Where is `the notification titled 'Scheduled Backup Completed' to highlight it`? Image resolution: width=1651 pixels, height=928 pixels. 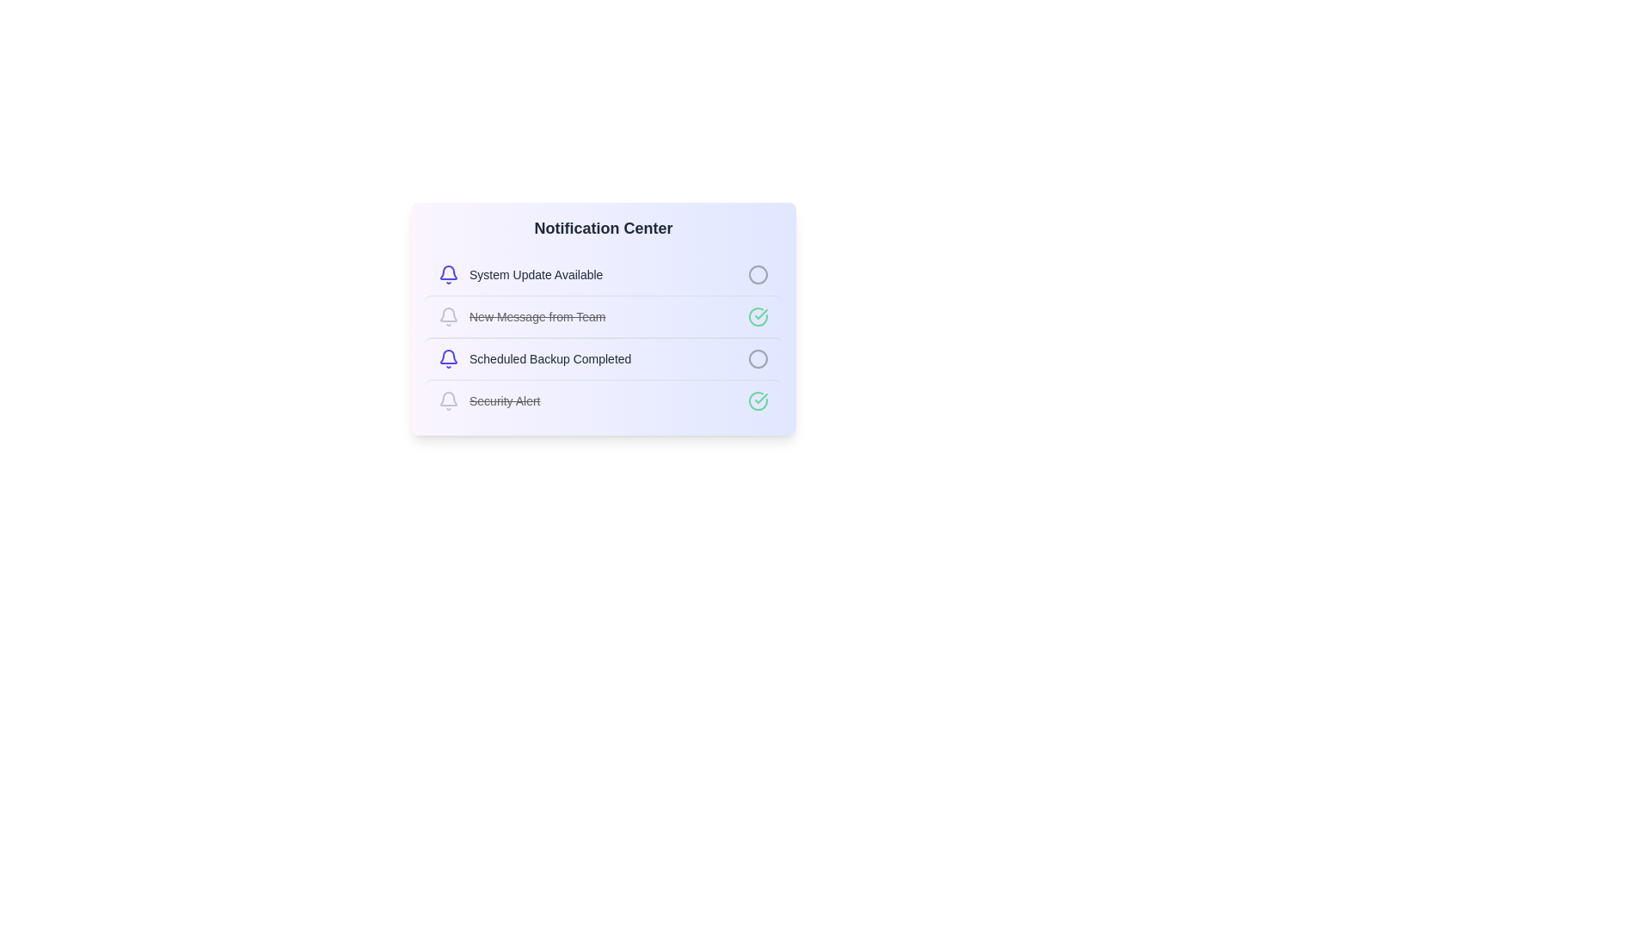 the notification titled 'Scheduled Backup Completed' to highlight it is located at coordinates (603, 357).